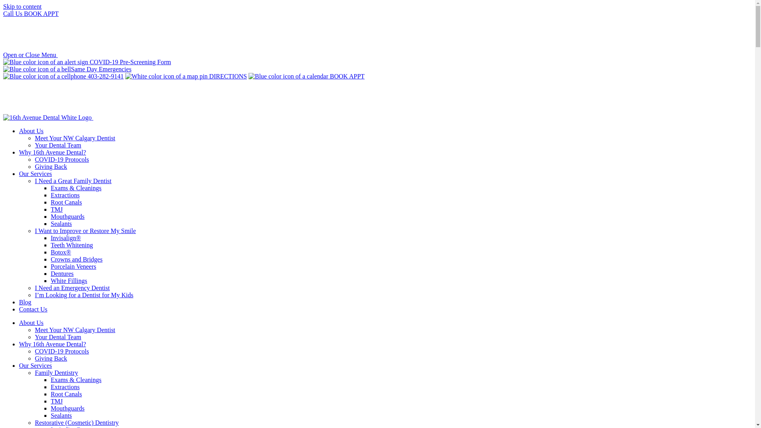  I want to click on 'About Us', so click(19, 130).